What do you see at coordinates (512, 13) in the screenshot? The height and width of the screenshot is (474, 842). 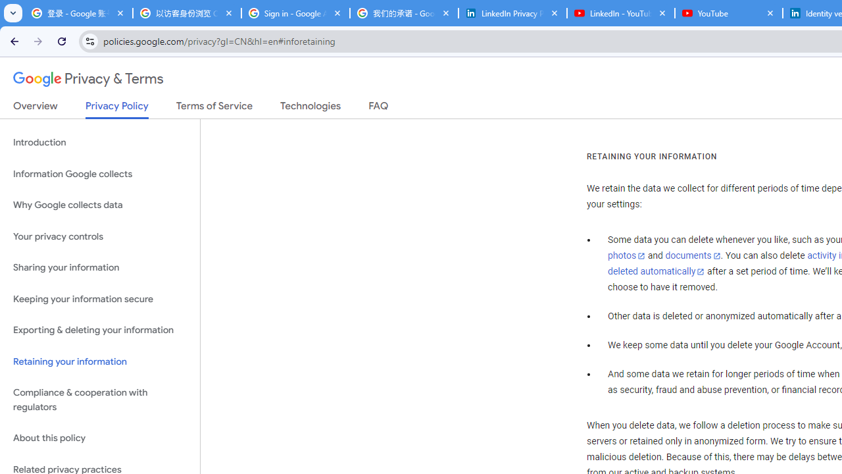 I see `'LinkedIn Privacy Policy'` at bounding box center [512, 13].